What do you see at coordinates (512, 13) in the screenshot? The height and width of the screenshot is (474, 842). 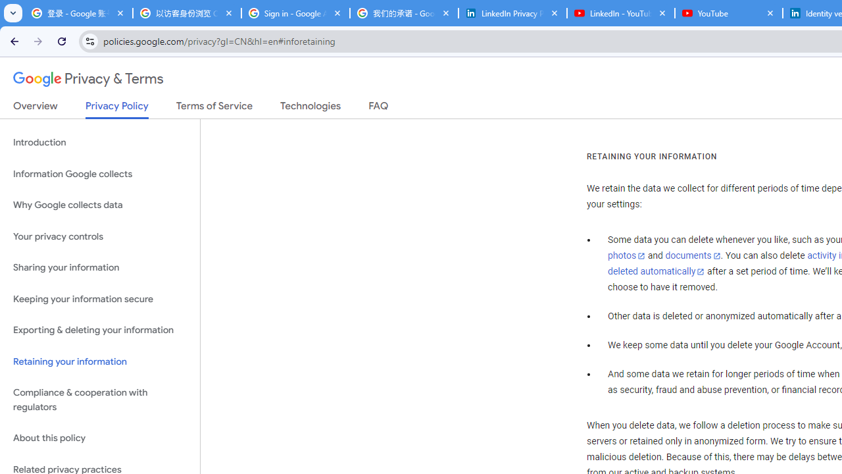 I see `'LinkedIn Privacy Policy'` at bounding box center [512, 13].